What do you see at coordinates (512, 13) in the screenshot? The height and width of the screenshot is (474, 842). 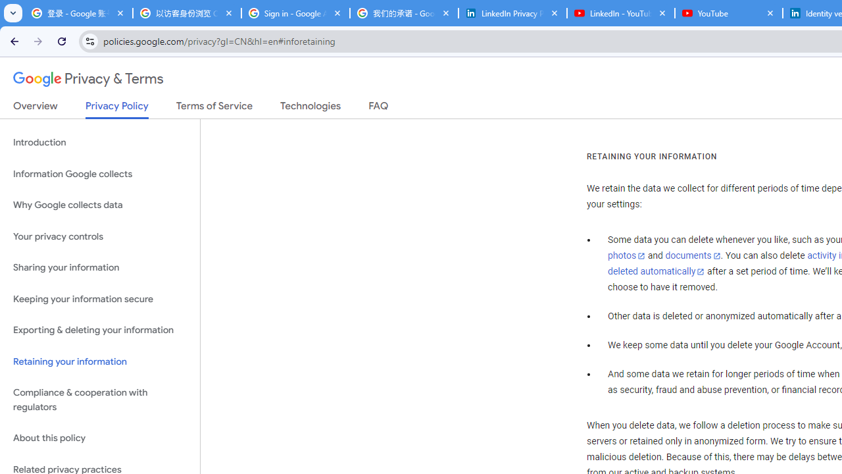 I see `'LinkedIn Privacy Policy'` at bounding box center [512, 13].